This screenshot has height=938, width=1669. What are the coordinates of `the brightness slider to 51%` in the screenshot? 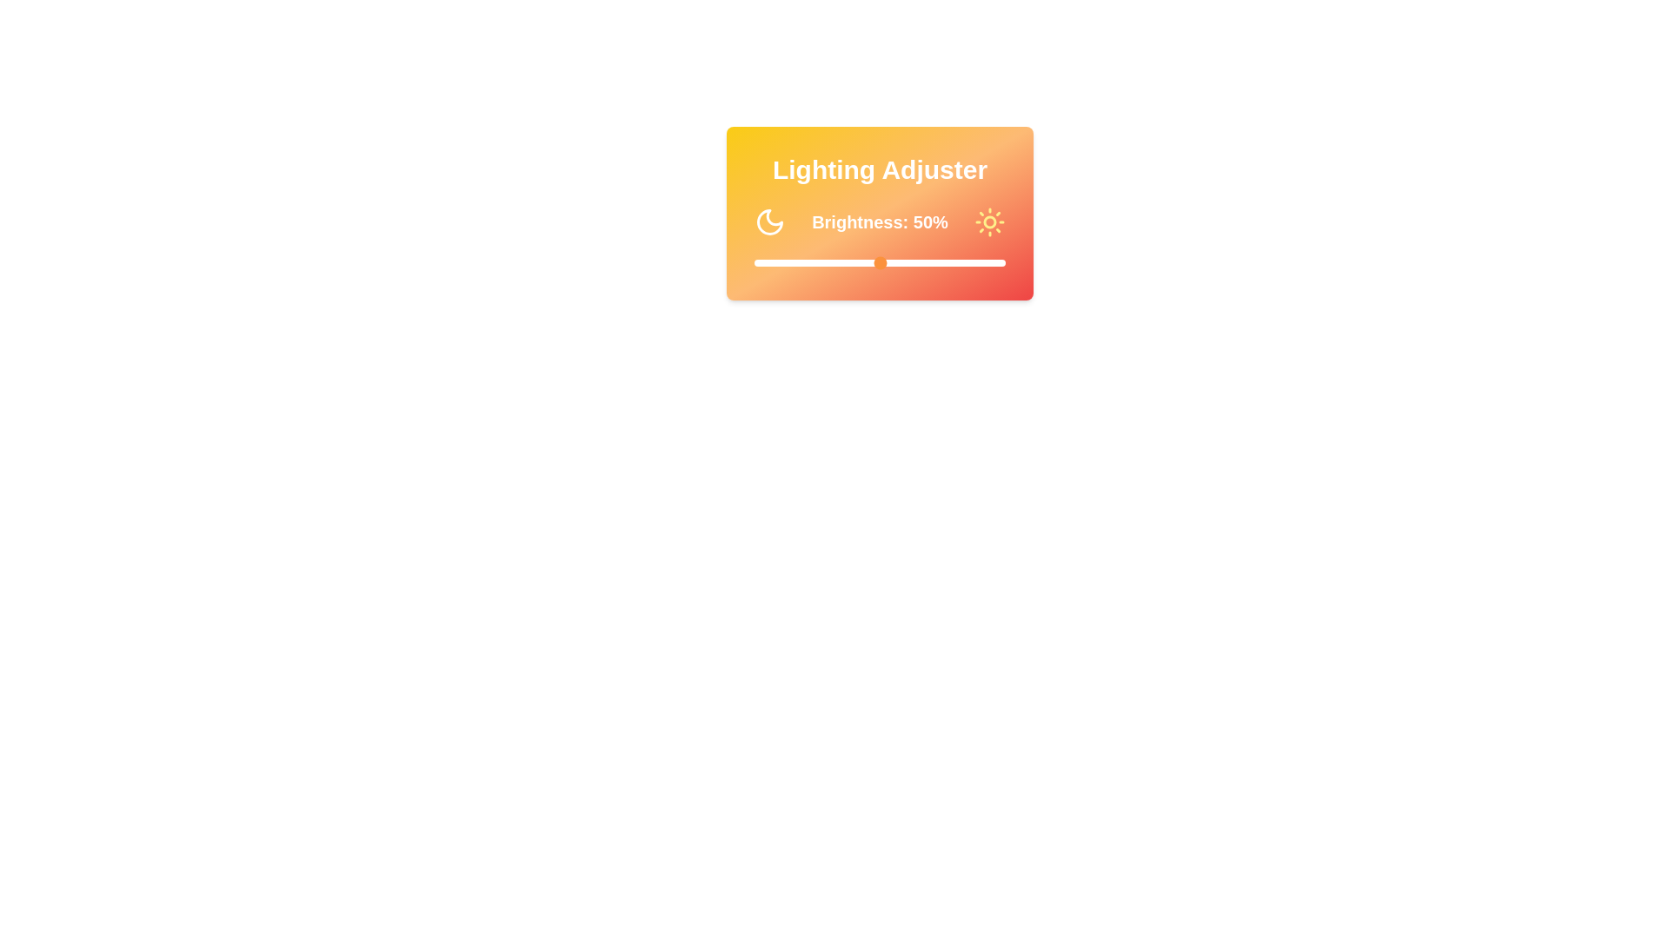 It's located at (882, 263).